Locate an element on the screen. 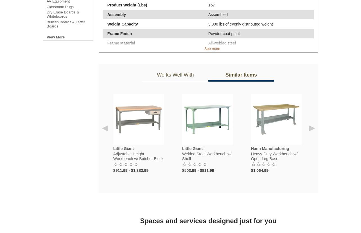 The width and height of the screenshot is (361, 233). '24" W' is located at coordinates (213, 62).